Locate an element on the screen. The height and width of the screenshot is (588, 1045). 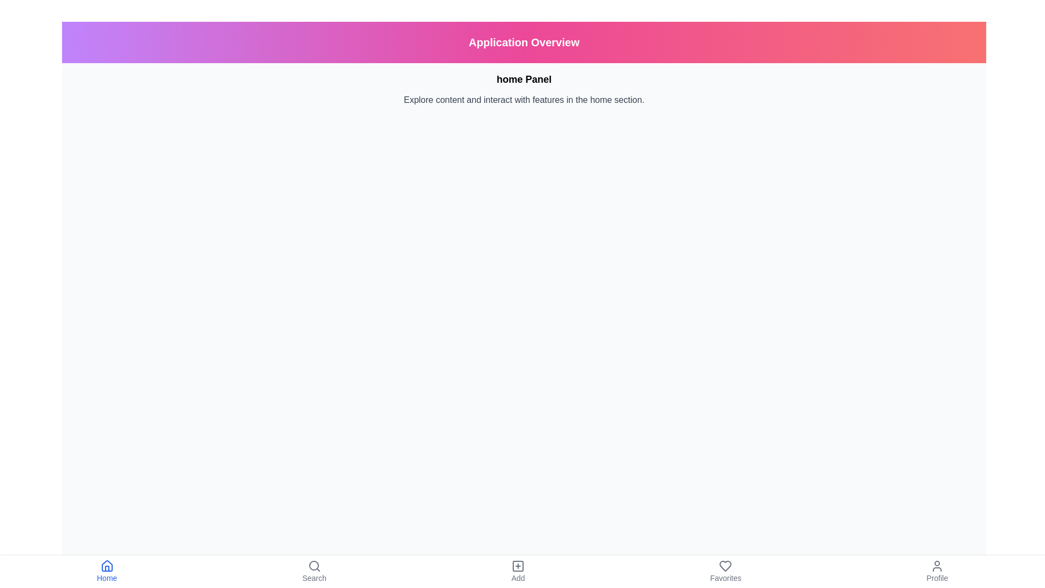
the Home tab to navigate to the respective section is located at coordinates (107, 571).